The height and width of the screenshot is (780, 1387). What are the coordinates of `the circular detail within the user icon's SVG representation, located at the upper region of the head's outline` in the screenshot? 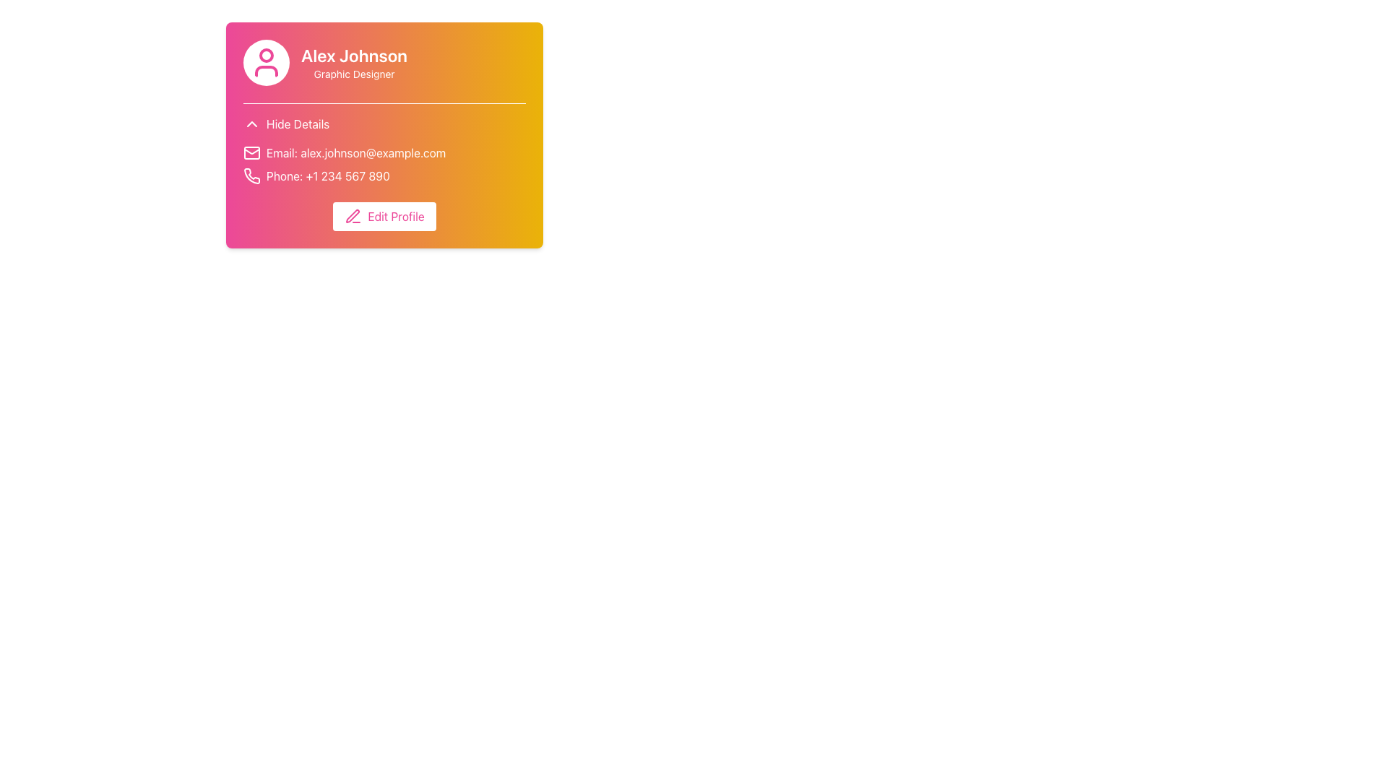 It's located at (267, 55).